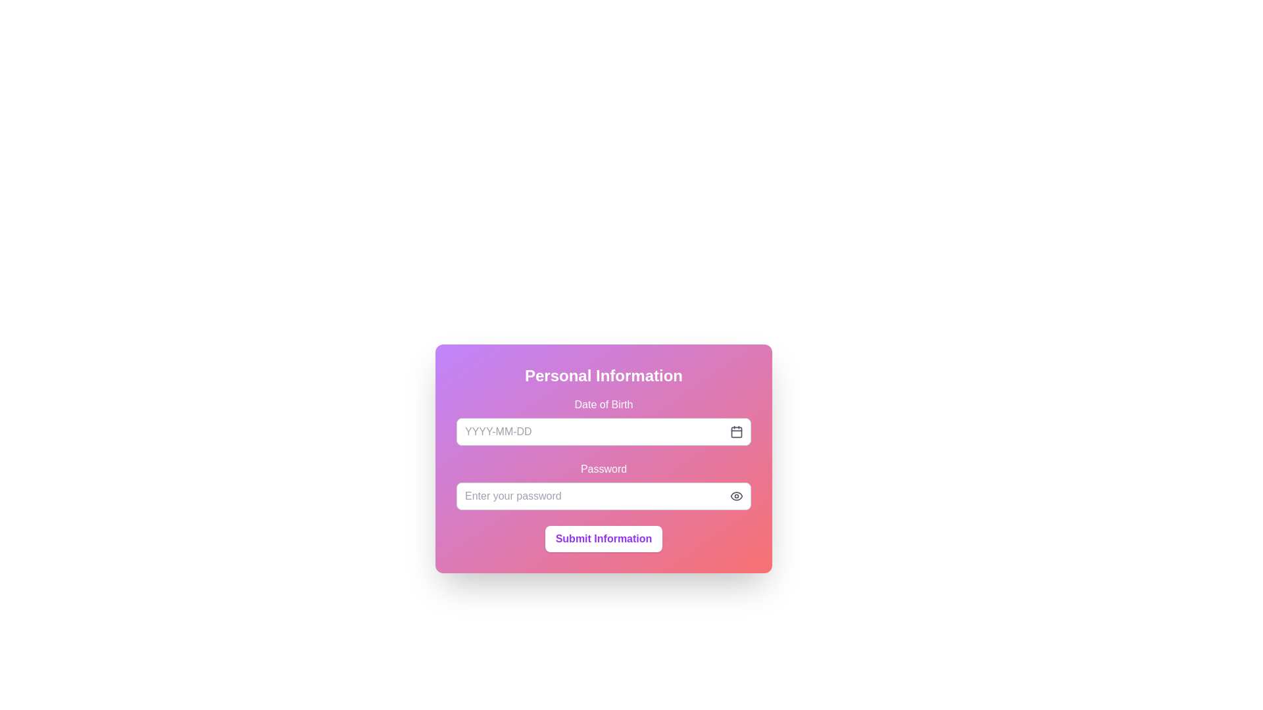 The height and width of the screenshot is (710, 1263). Describe the element at coordinates (603, 375) in the screenshot. I see `bold white header text that says 'Personal Information', located at the top of the card layout with a gradient background` at that location.